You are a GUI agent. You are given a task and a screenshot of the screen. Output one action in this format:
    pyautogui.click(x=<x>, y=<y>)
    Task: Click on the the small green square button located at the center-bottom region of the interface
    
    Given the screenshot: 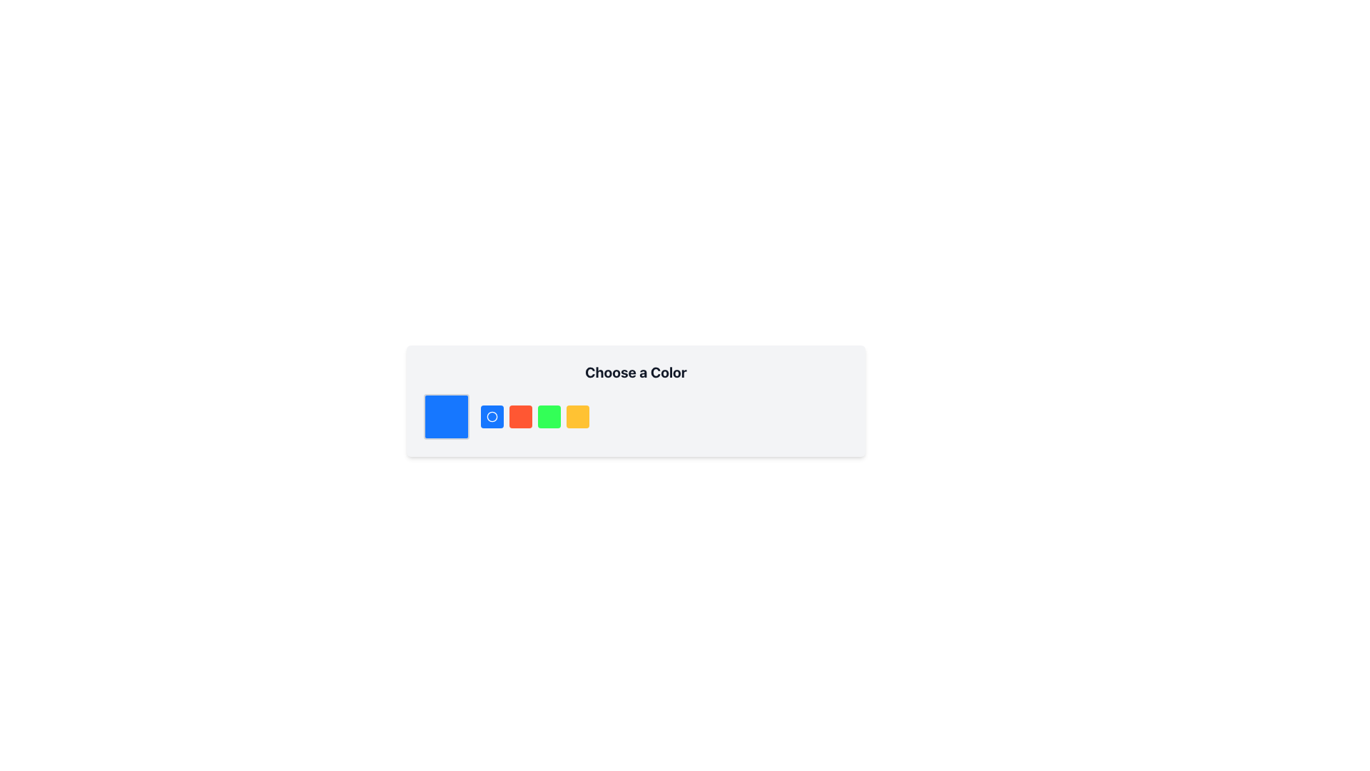 What is the action you would take?
    pyautogui.click(x=548, y=416)
    